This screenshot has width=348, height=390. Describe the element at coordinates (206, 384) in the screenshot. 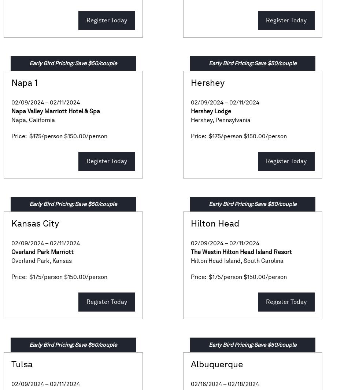

I see `'02/16/2024'` at that location.